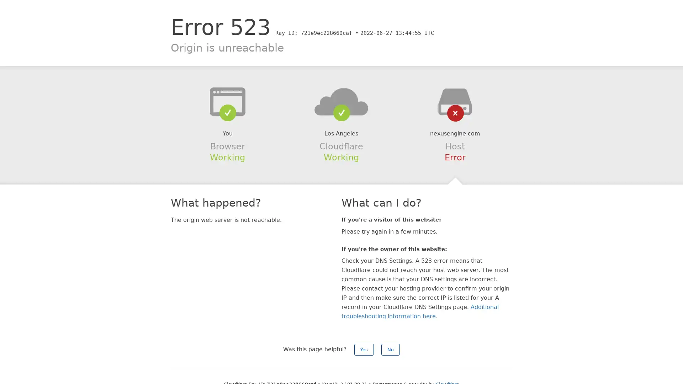  What do you see at coordinates (390, 349) in the screenshot?
I see `No` at bounding box center [390, 349].